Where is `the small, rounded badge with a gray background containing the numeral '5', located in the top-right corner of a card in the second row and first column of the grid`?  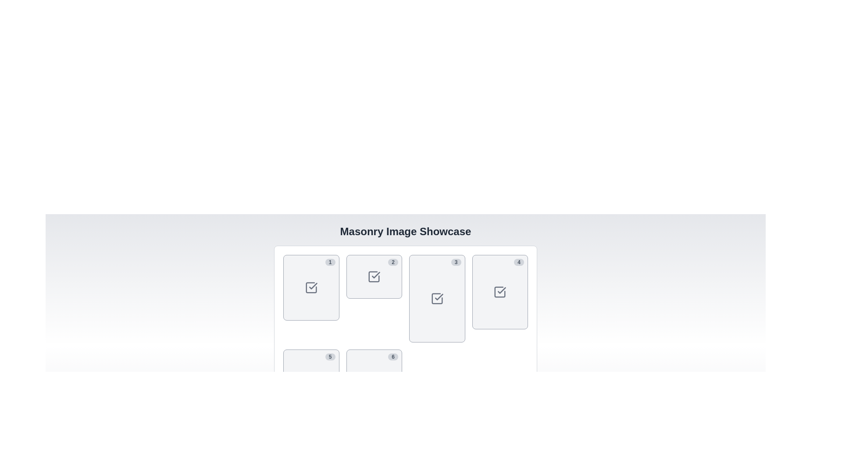 the small, rounded badge with a gray background containing the numeral '5', located in the top-right corner of a card in the second row and first column of the grid is located at coordinates (330, 357).